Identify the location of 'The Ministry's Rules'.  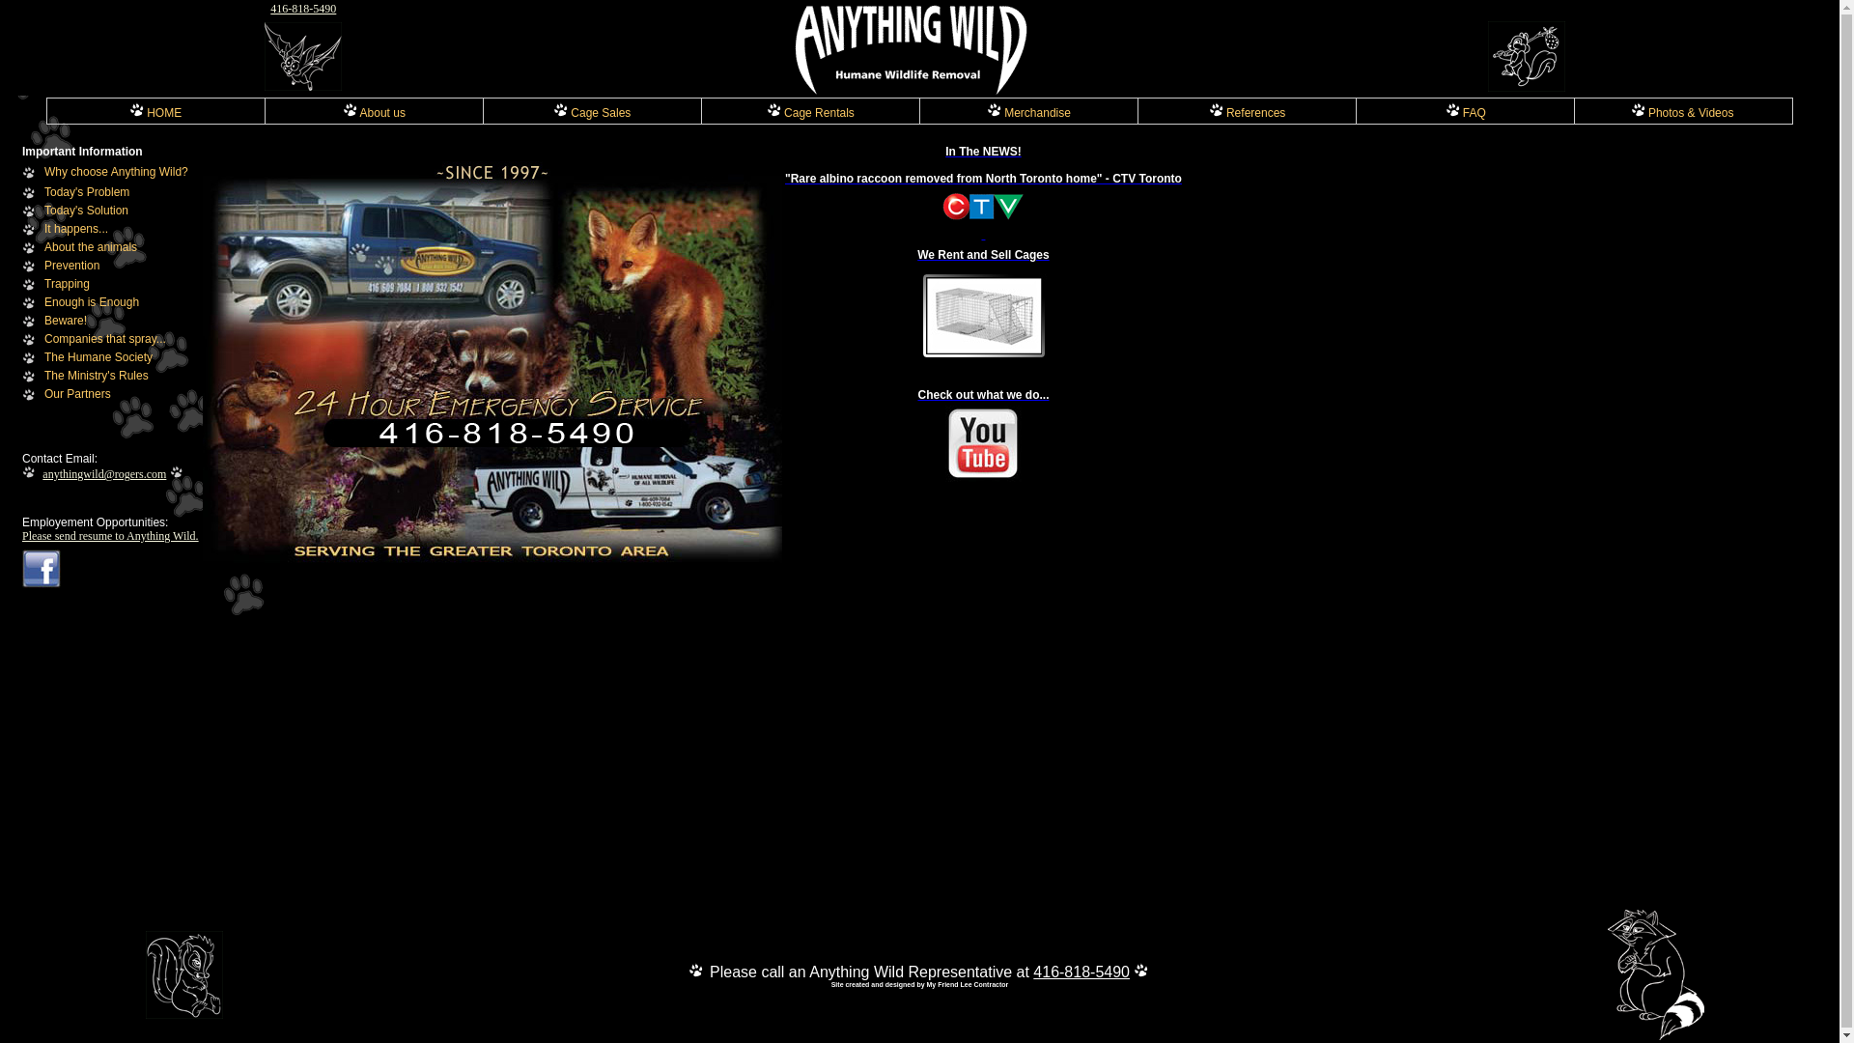
(96, 376).